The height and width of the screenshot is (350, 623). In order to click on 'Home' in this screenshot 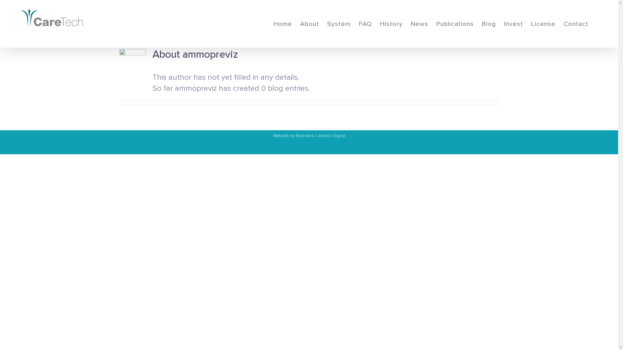, I will do `click(283, 23)`.